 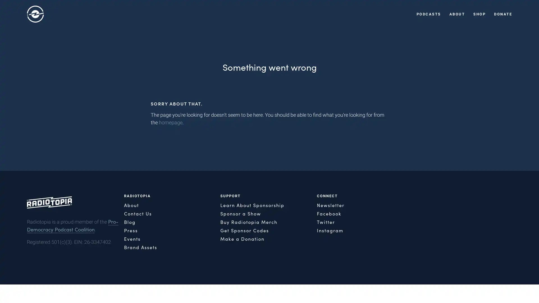 I want to click on SIGN ME UP!, so click(x=269, y=213).